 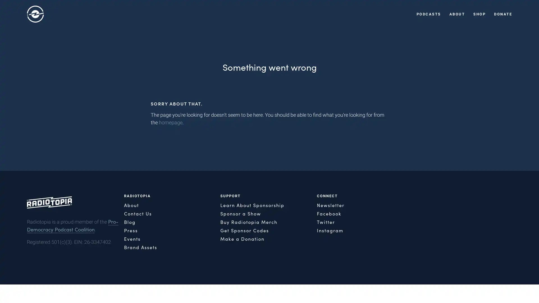 I want to click on SIGN ME UP!, so click(x=269, y=213).